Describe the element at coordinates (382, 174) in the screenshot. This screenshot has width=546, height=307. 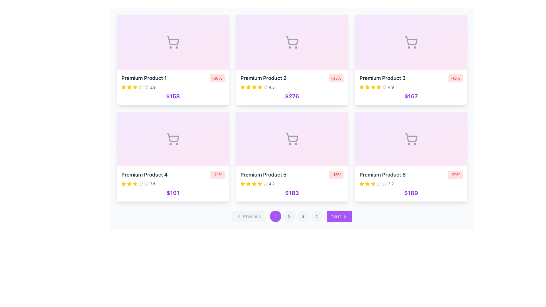
I see `the text label displaying 'Premium Product 6' to associate the text with the product attributes` at that location.